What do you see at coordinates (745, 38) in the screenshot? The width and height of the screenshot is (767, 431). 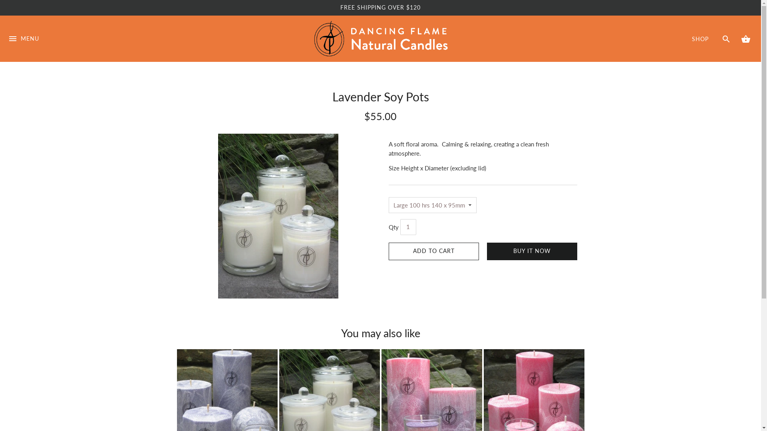 I see `'CART'` at bounding box center [745, 38].